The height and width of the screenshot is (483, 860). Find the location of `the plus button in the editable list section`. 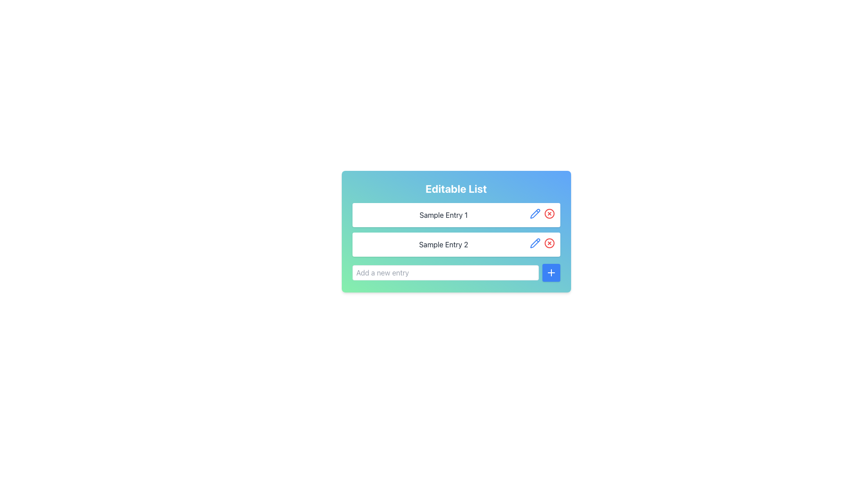

the plus button in the editable list section is located at coordinates (456, 272).